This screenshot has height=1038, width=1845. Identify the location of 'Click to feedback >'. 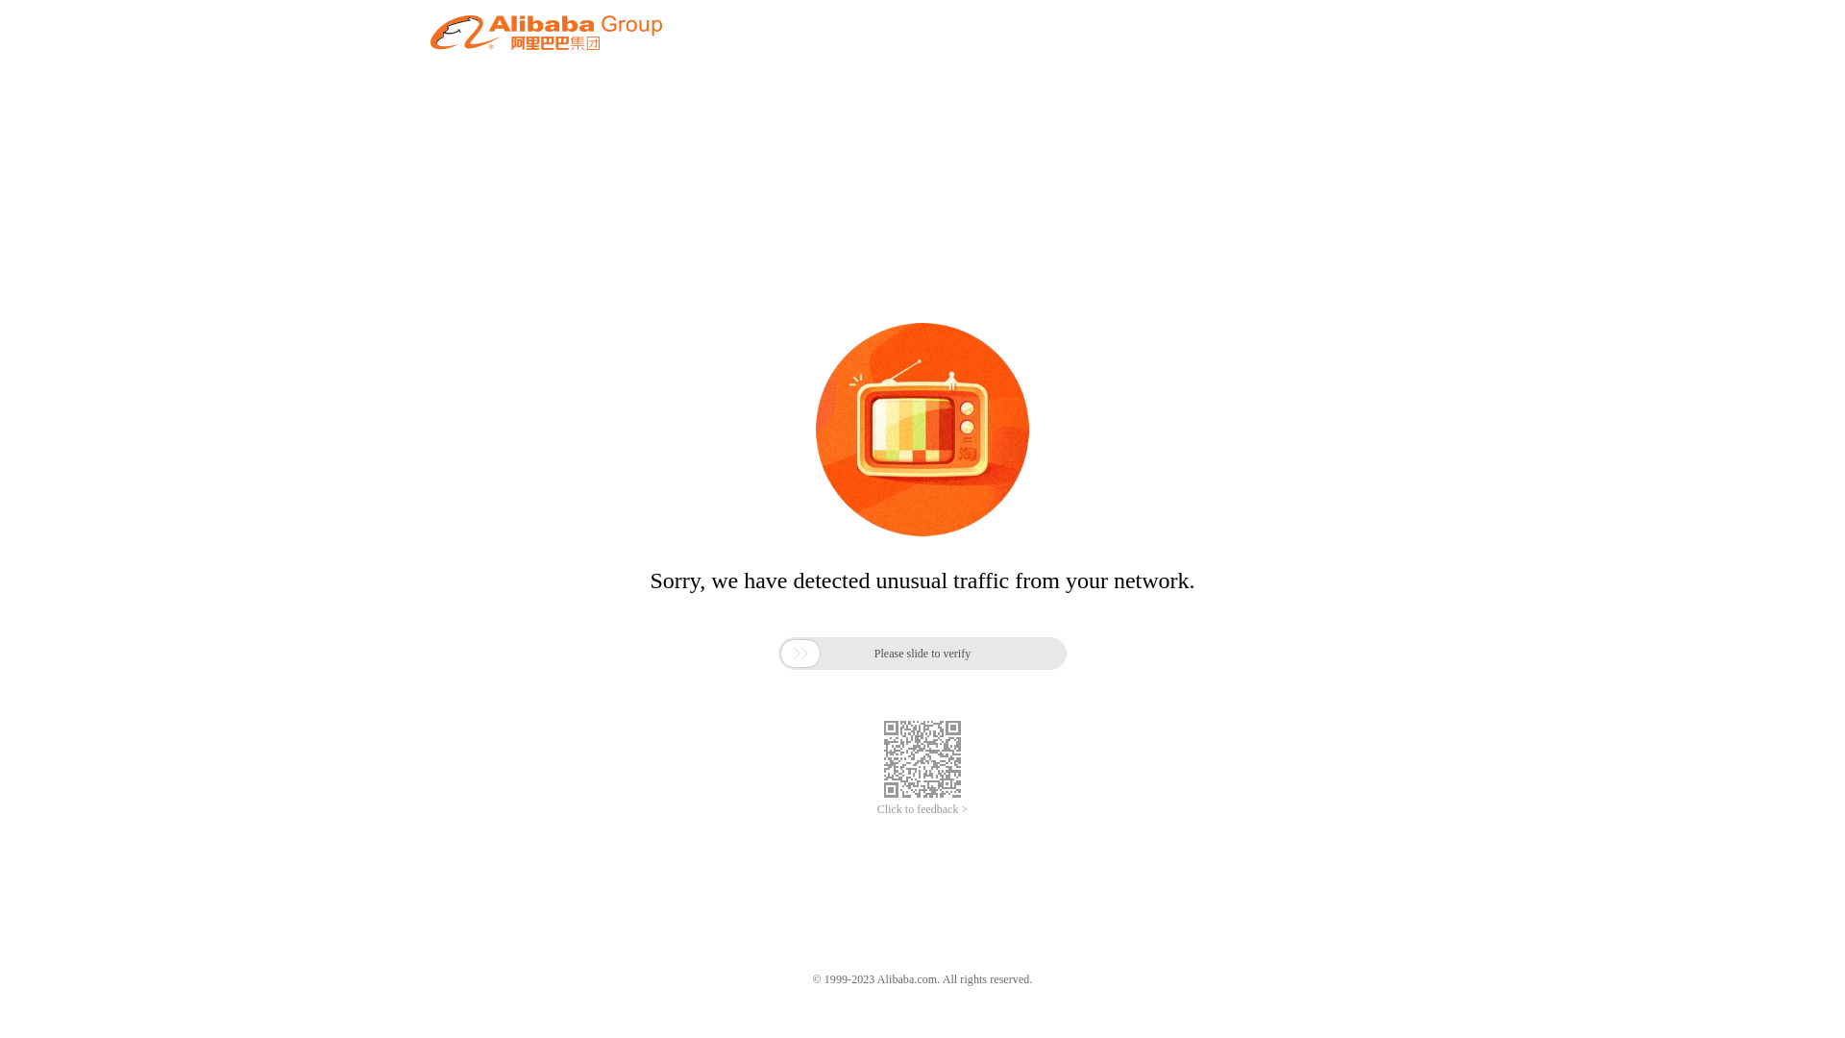
(922, 809).